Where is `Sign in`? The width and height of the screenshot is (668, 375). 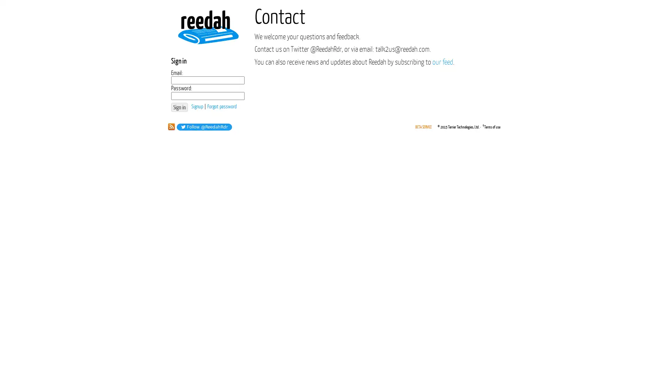 Sign in is located at coordinates (179, 107).